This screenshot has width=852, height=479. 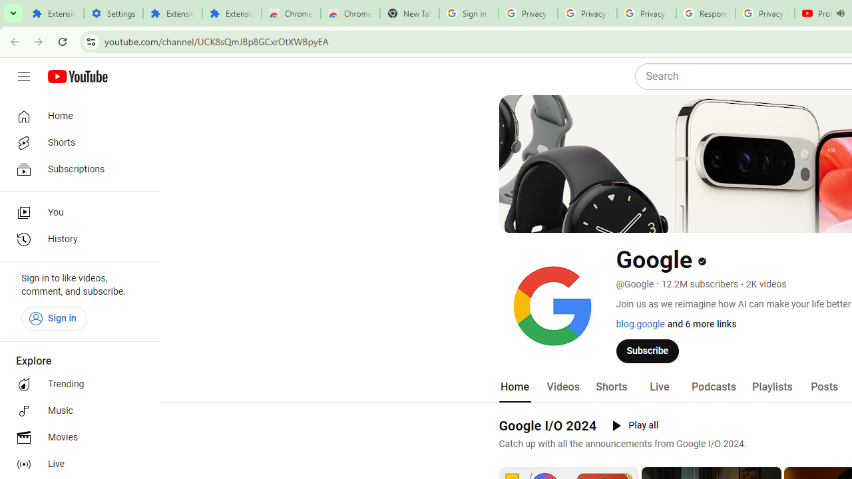 What do you see at coordinates (713, 387) in the screenshot?
I see `'Podcasts'` at bounding box center [713, 387].